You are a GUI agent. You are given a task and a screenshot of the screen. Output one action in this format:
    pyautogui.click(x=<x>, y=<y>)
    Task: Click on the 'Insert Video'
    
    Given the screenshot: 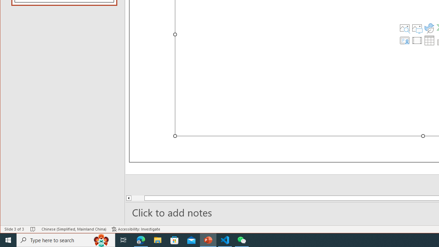 What is the action you would take?
    pyautogui.click(x=417, y=40)
    